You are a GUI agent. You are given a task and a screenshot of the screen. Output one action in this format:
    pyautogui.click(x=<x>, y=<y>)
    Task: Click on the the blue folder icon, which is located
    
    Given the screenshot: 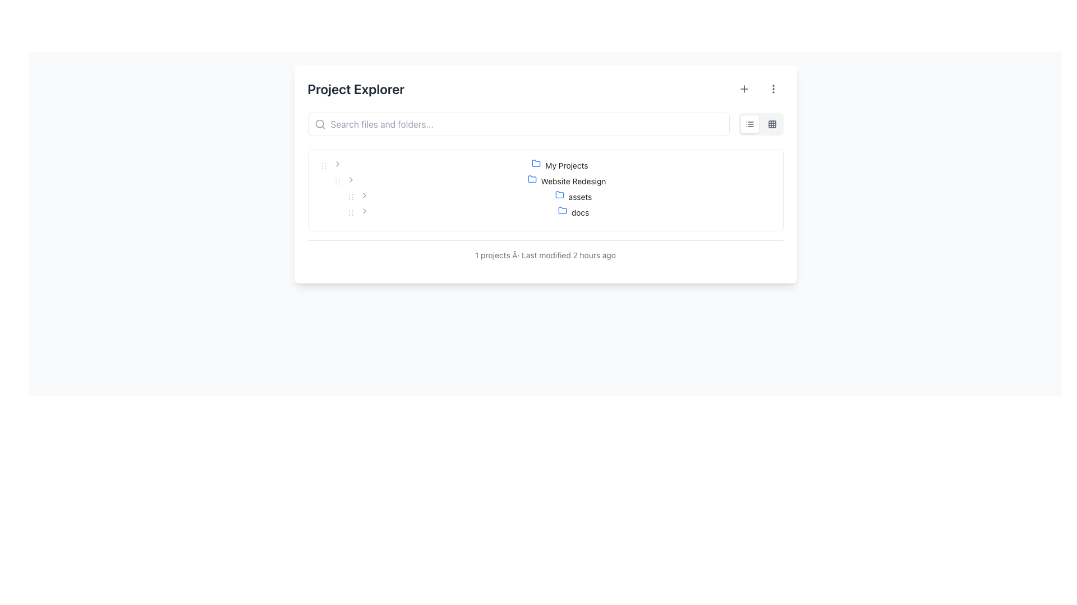 What is the action you would take?
    pyautogui.click(x=538, y=166)
    